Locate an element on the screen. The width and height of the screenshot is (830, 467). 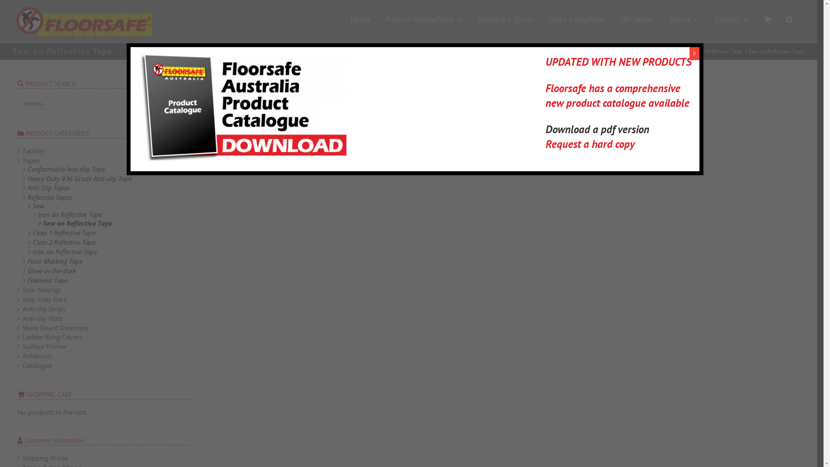
'About' is located at coordinates (684, 19).